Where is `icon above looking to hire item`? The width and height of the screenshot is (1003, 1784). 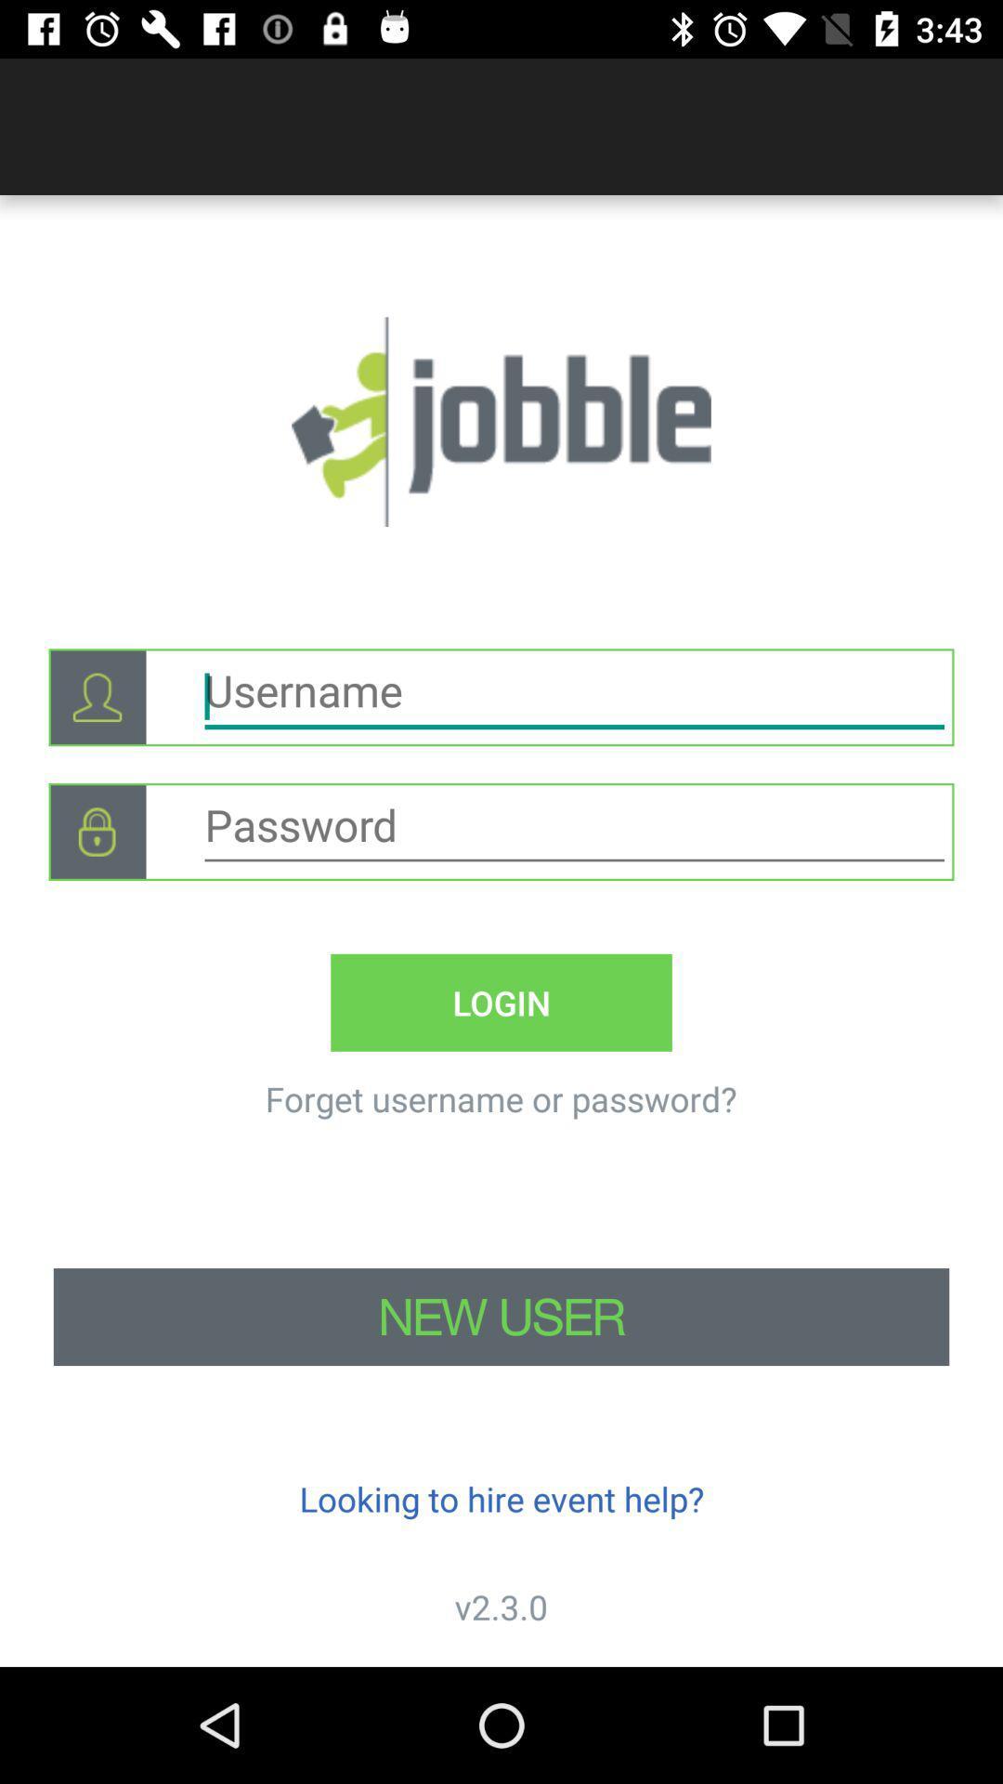 icon above looking to hire item is located at coordinates (501, 1316).